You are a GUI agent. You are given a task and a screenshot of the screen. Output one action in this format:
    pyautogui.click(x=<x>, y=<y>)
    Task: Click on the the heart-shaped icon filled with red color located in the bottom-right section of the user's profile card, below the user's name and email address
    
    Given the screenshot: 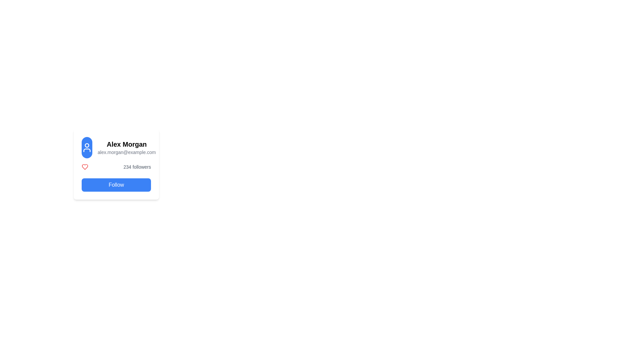 What is the action you would take?
    pyautogui.click(x=84, y=167)
    